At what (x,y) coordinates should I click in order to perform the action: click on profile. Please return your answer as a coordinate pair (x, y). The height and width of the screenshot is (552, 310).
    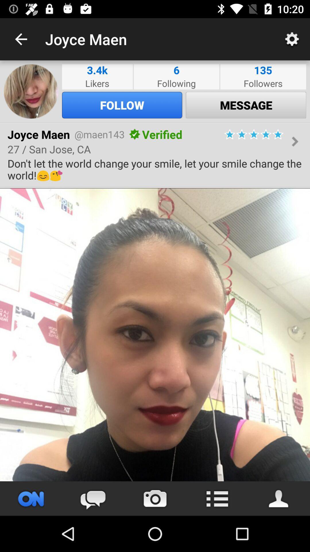
    Looking at the image, I should click on (279, 498).